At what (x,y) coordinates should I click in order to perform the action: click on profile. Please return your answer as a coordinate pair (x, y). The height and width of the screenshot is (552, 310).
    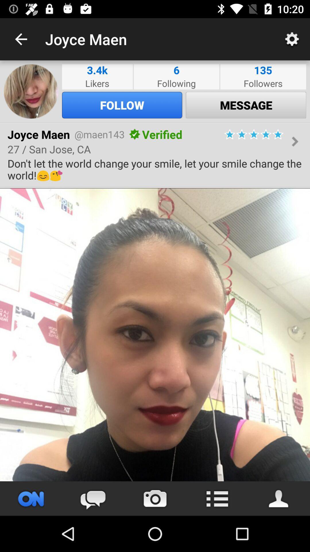
    Looking at the image, I should click on (279, 498).